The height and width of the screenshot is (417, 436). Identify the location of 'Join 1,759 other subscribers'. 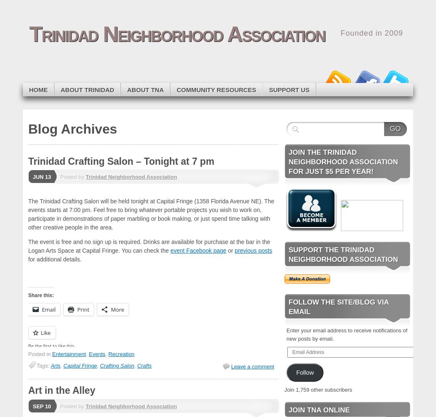
(318, 389).